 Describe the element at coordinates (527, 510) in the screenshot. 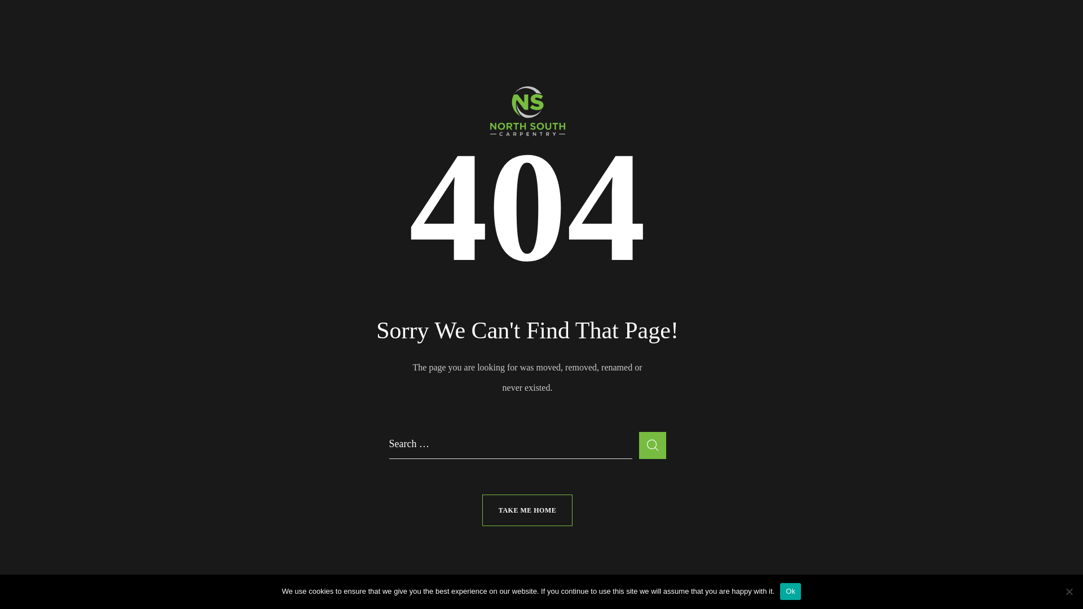

I see `'TAKE ME HOME'` at that location.